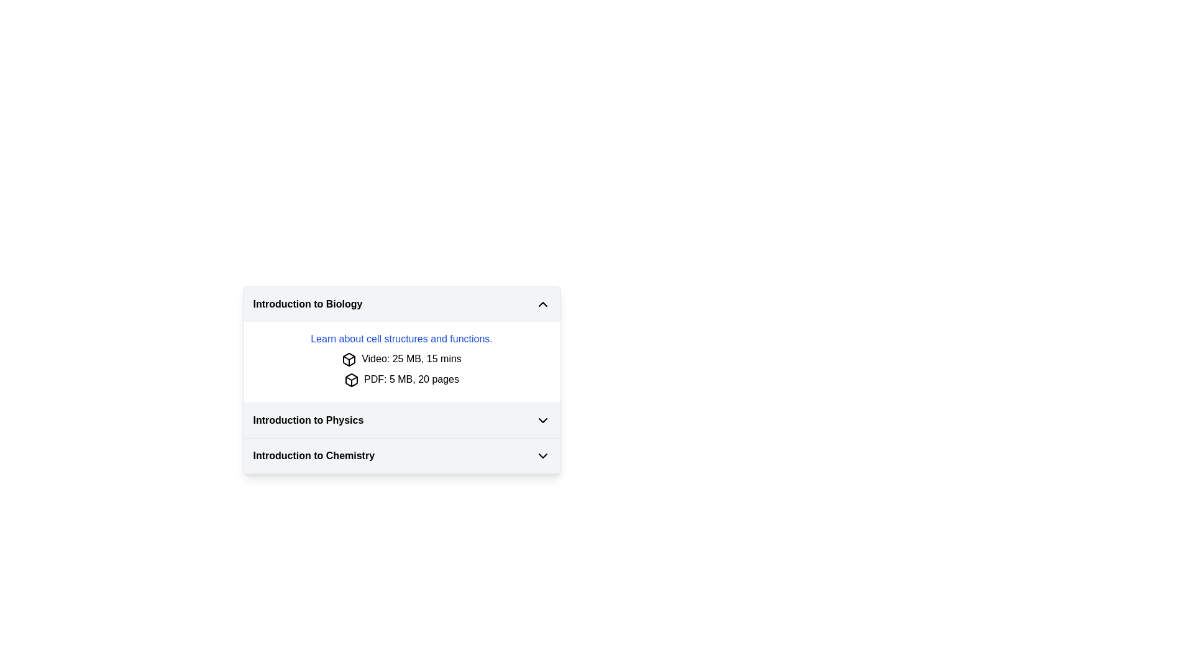 This screenshot has width=1193, height=671. Describe the element at coordinates (542, 455) in the screenshot. I see `the downward-pointing chevron icon button on the right side of the 'Introduction to Chemistry' row` at that location.